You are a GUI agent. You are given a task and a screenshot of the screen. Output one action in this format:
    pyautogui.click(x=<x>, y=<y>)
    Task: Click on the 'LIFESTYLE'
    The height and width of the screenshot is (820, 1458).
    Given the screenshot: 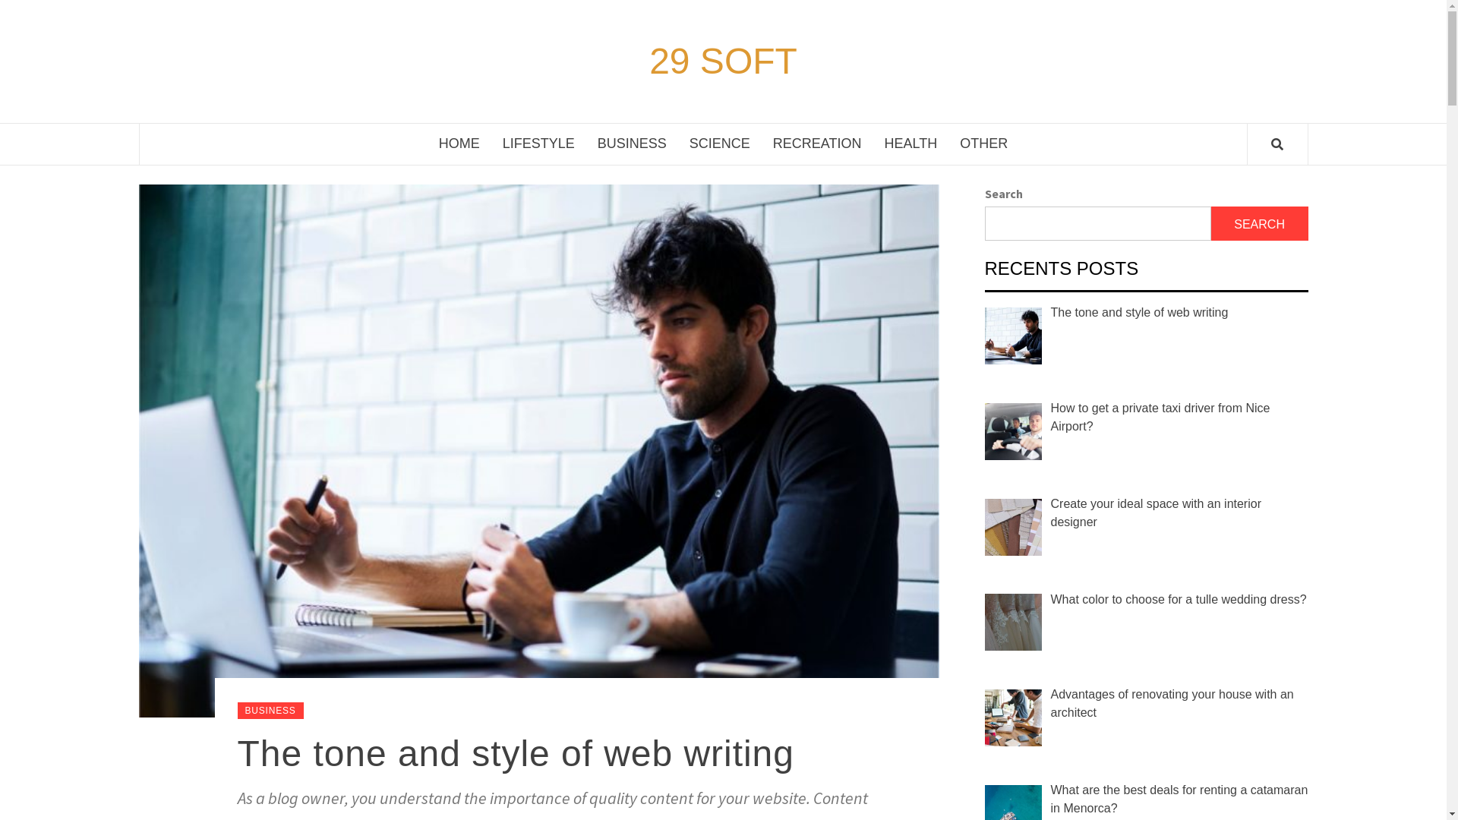 What is the action you would take?
    pyautogui.click(x=538, y=143)
    